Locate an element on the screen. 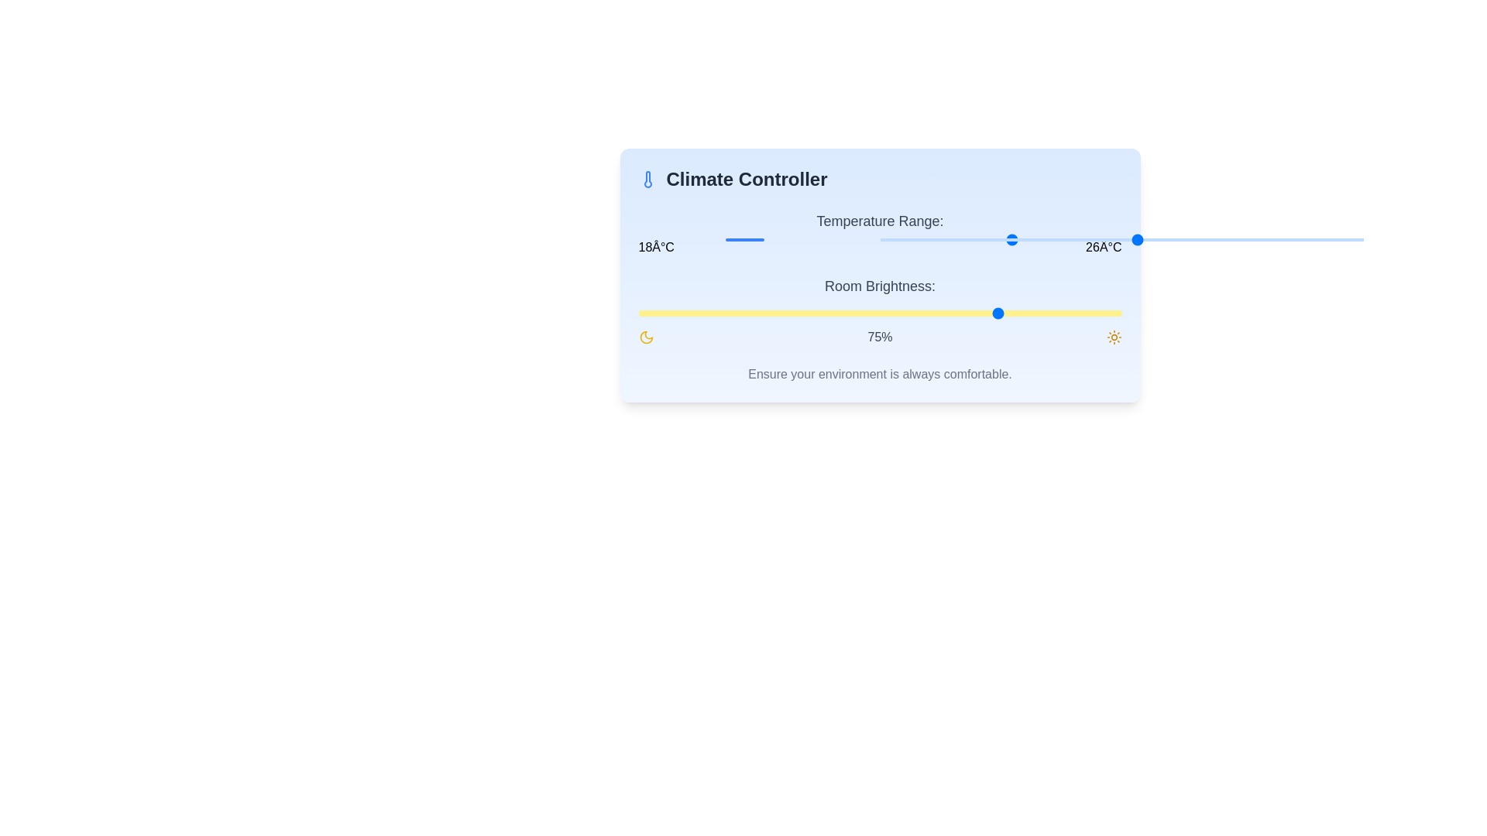  the static text label displaying '18°C', which is located to the left of the 'Temperature Range:' label and aligned with '26°C' on its right is located at coordinates (656, 247).